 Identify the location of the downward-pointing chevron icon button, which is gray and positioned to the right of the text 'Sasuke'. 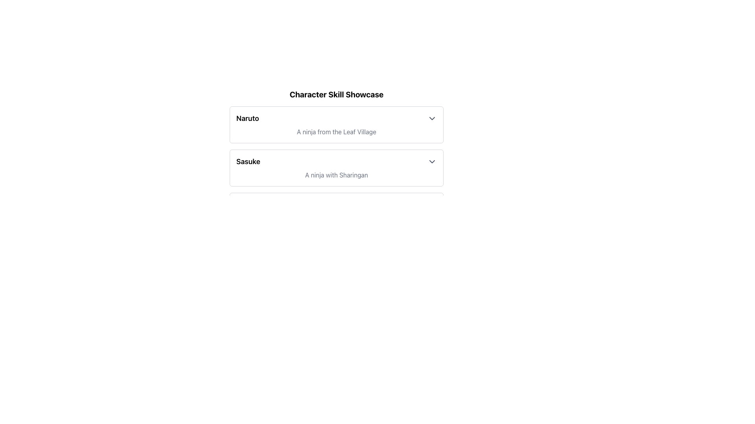
(432, 161).